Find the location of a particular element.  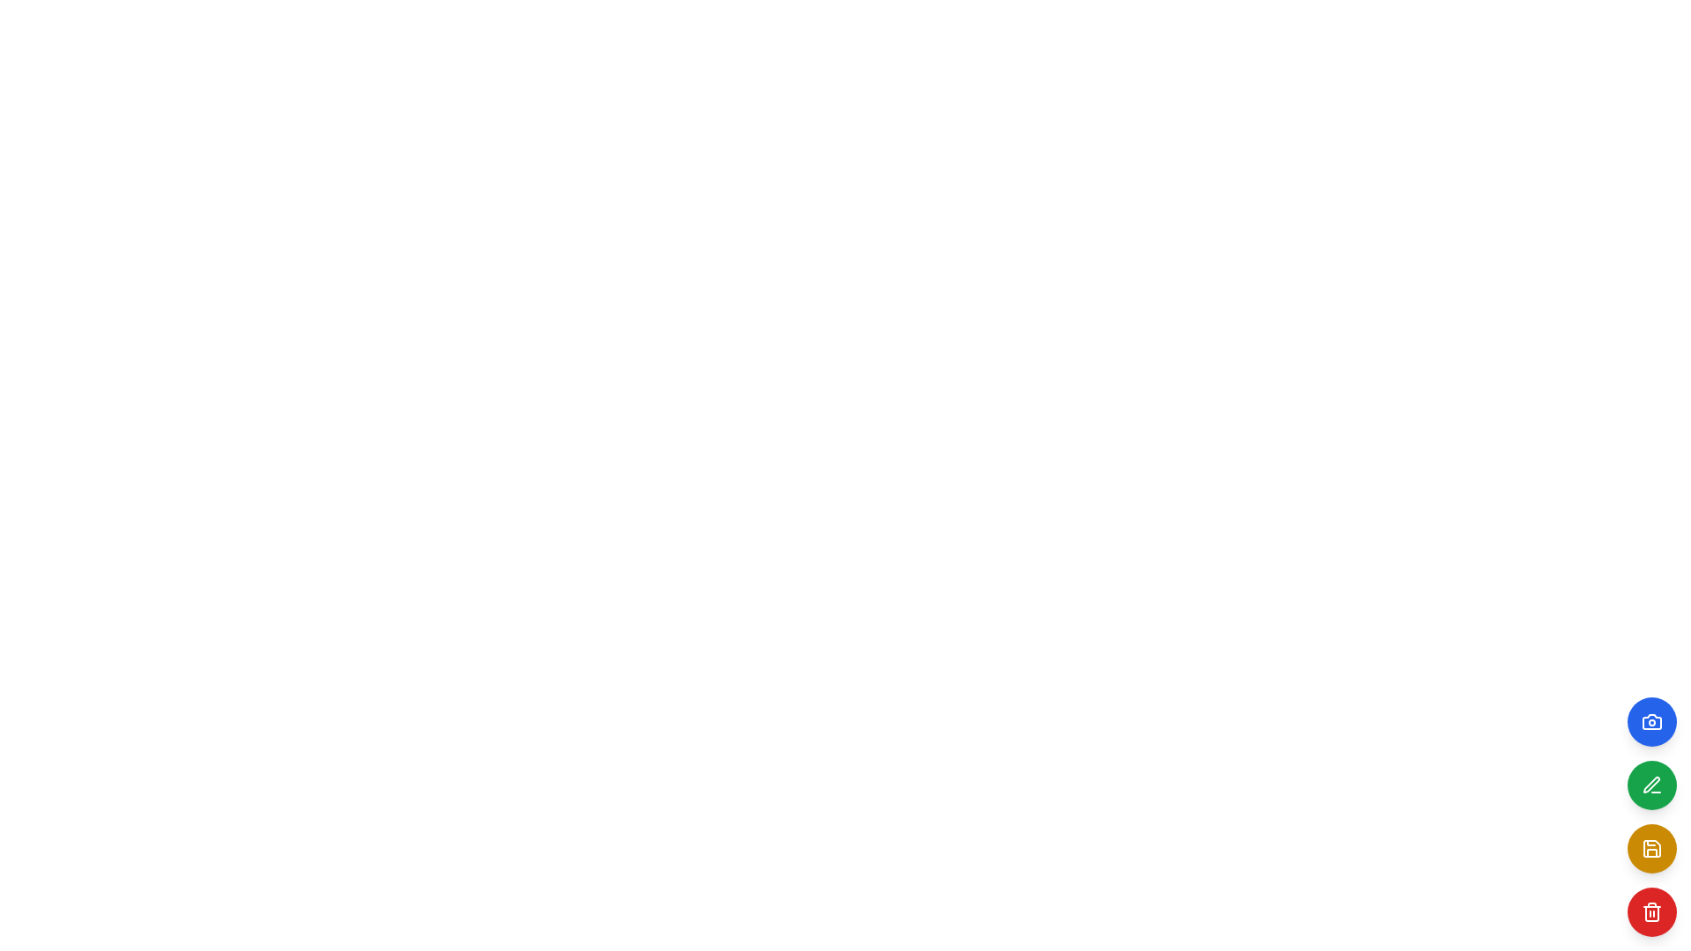

the interactive editing button located in the second position of a vertical stack, below the blue camera icon and above the golden save icon is located at coordinates (1651, 784).